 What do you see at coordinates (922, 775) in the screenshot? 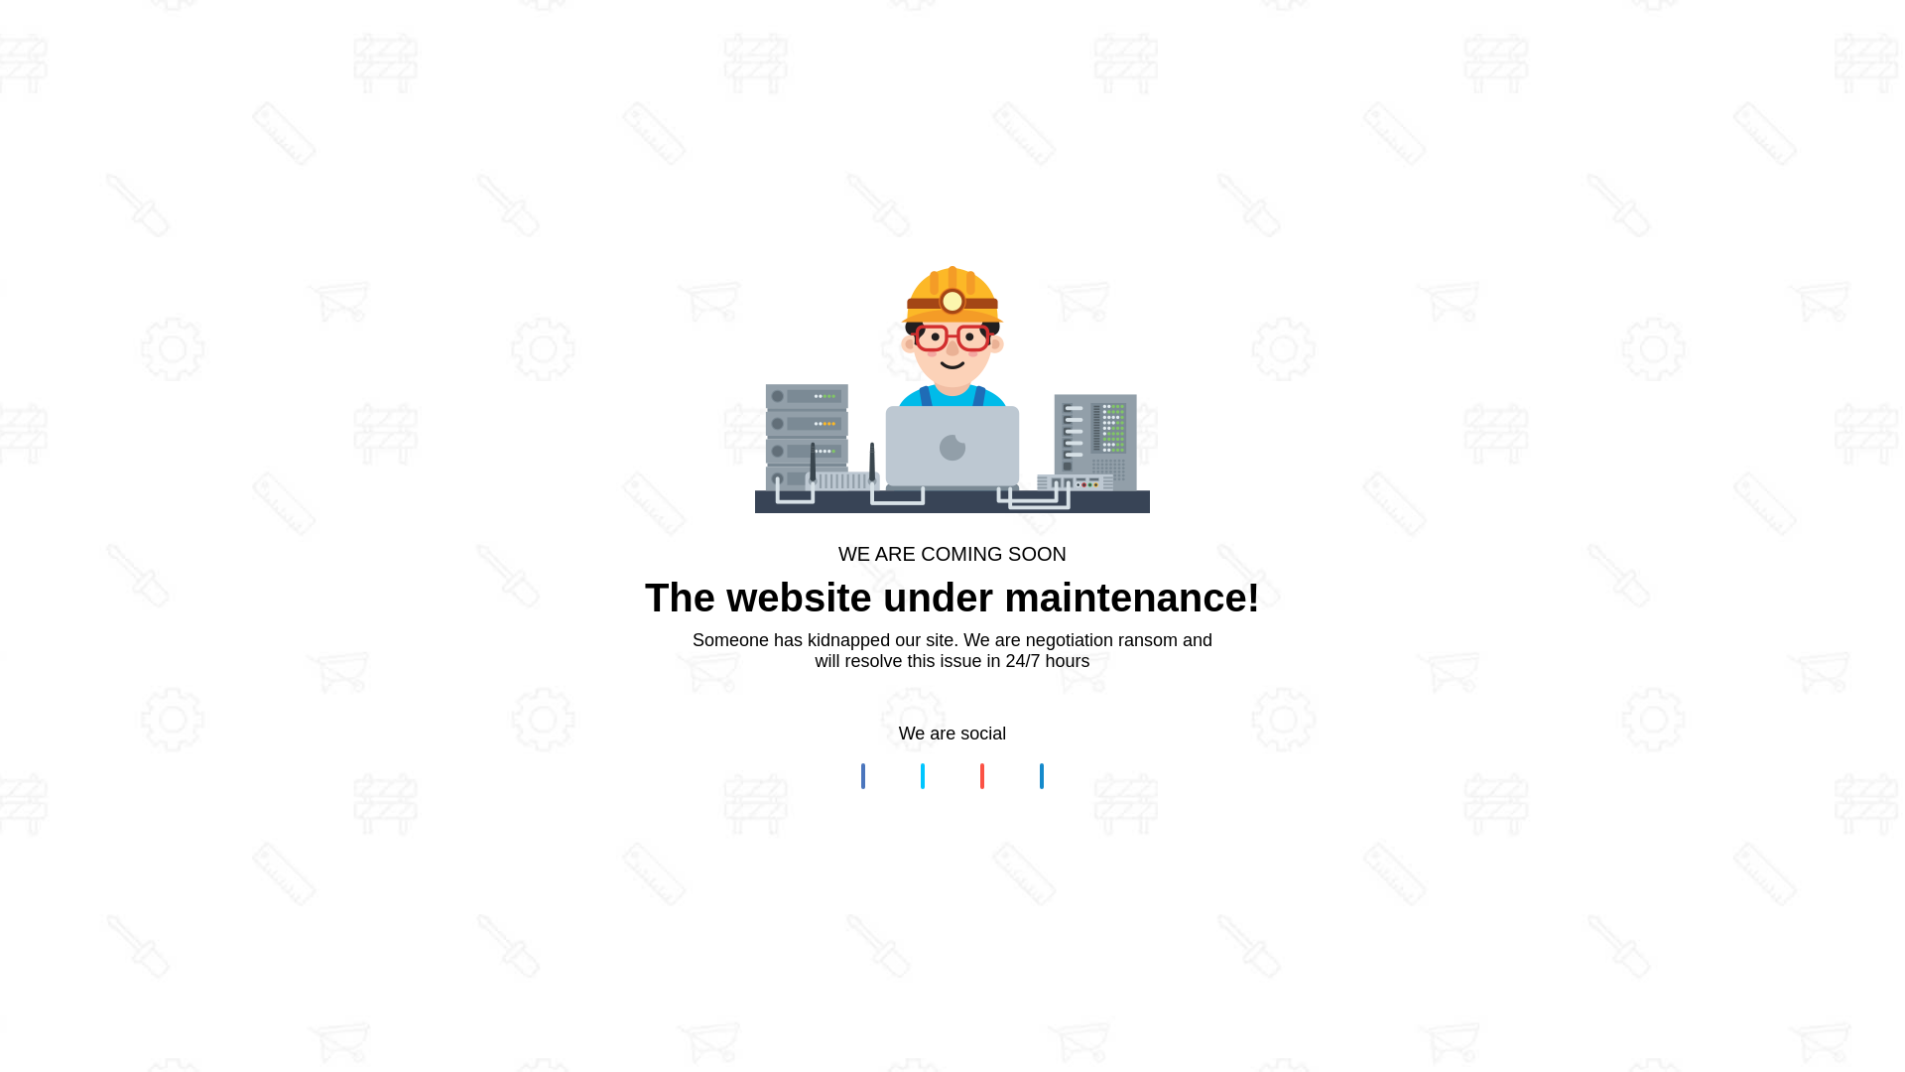
I see `'Twitter'` at bounding box center [922, 775].